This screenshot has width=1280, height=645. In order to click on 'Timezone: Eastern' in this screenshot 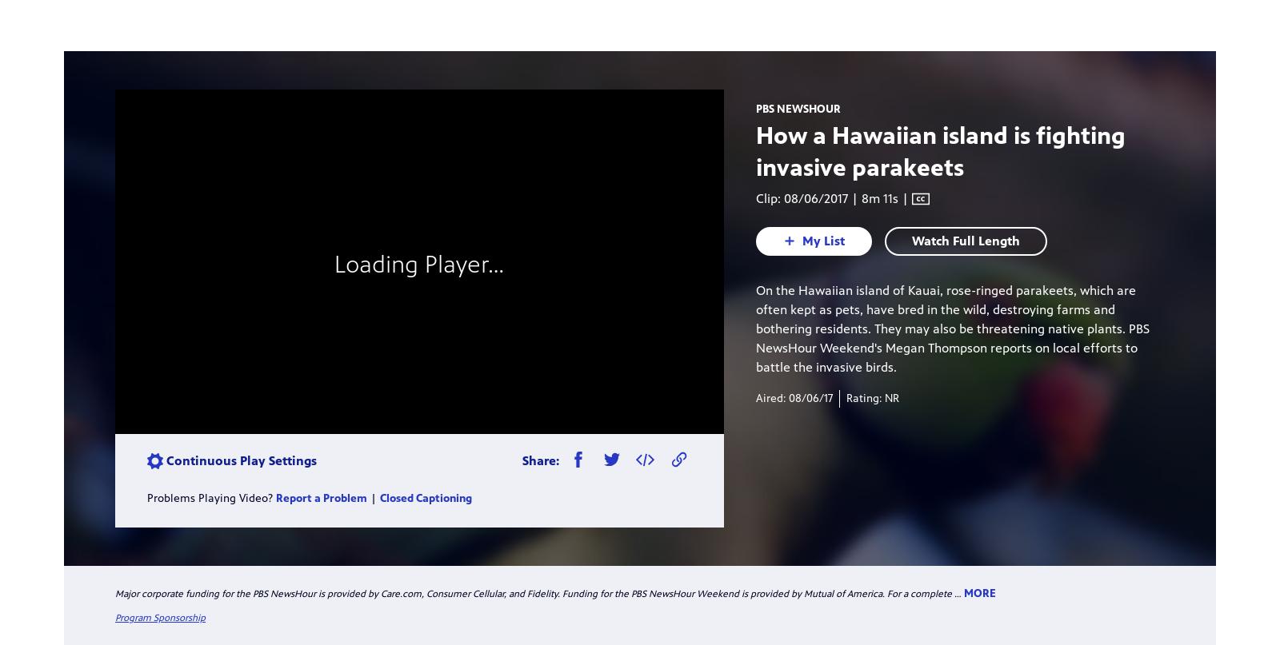, I will do `click(754, 300)`.